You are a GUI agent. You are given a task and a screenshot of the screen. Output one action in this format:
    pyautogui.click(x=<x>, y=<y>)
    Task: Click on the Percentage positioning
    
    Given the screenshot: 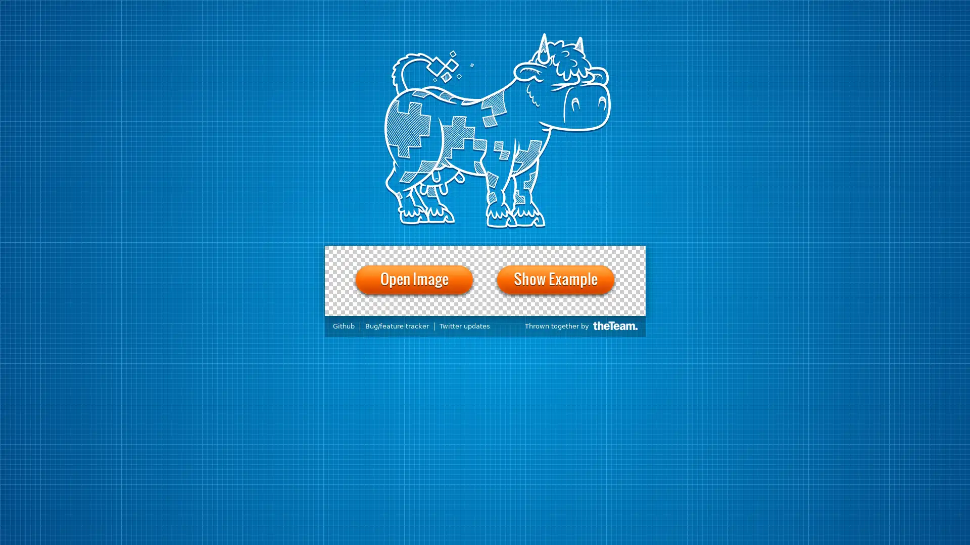 What is the action you would take?
    pyautogui.click(x=351, y=322)
    